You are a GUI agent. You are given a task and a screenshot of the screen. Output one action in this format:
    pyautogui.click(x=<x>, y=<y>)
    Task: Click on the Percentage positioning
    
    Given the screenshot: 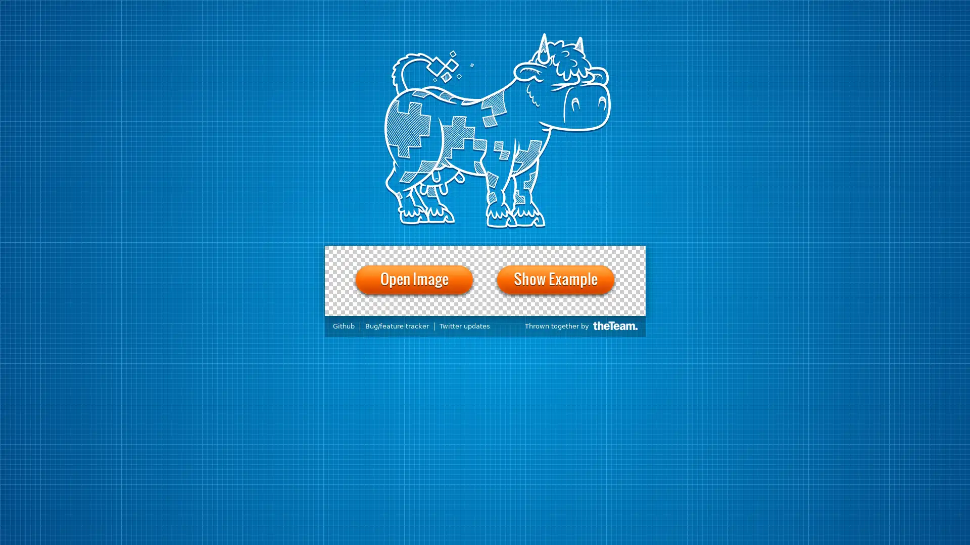 What is the action you would take?
    pyautogui.click(x=351, y=322)
    